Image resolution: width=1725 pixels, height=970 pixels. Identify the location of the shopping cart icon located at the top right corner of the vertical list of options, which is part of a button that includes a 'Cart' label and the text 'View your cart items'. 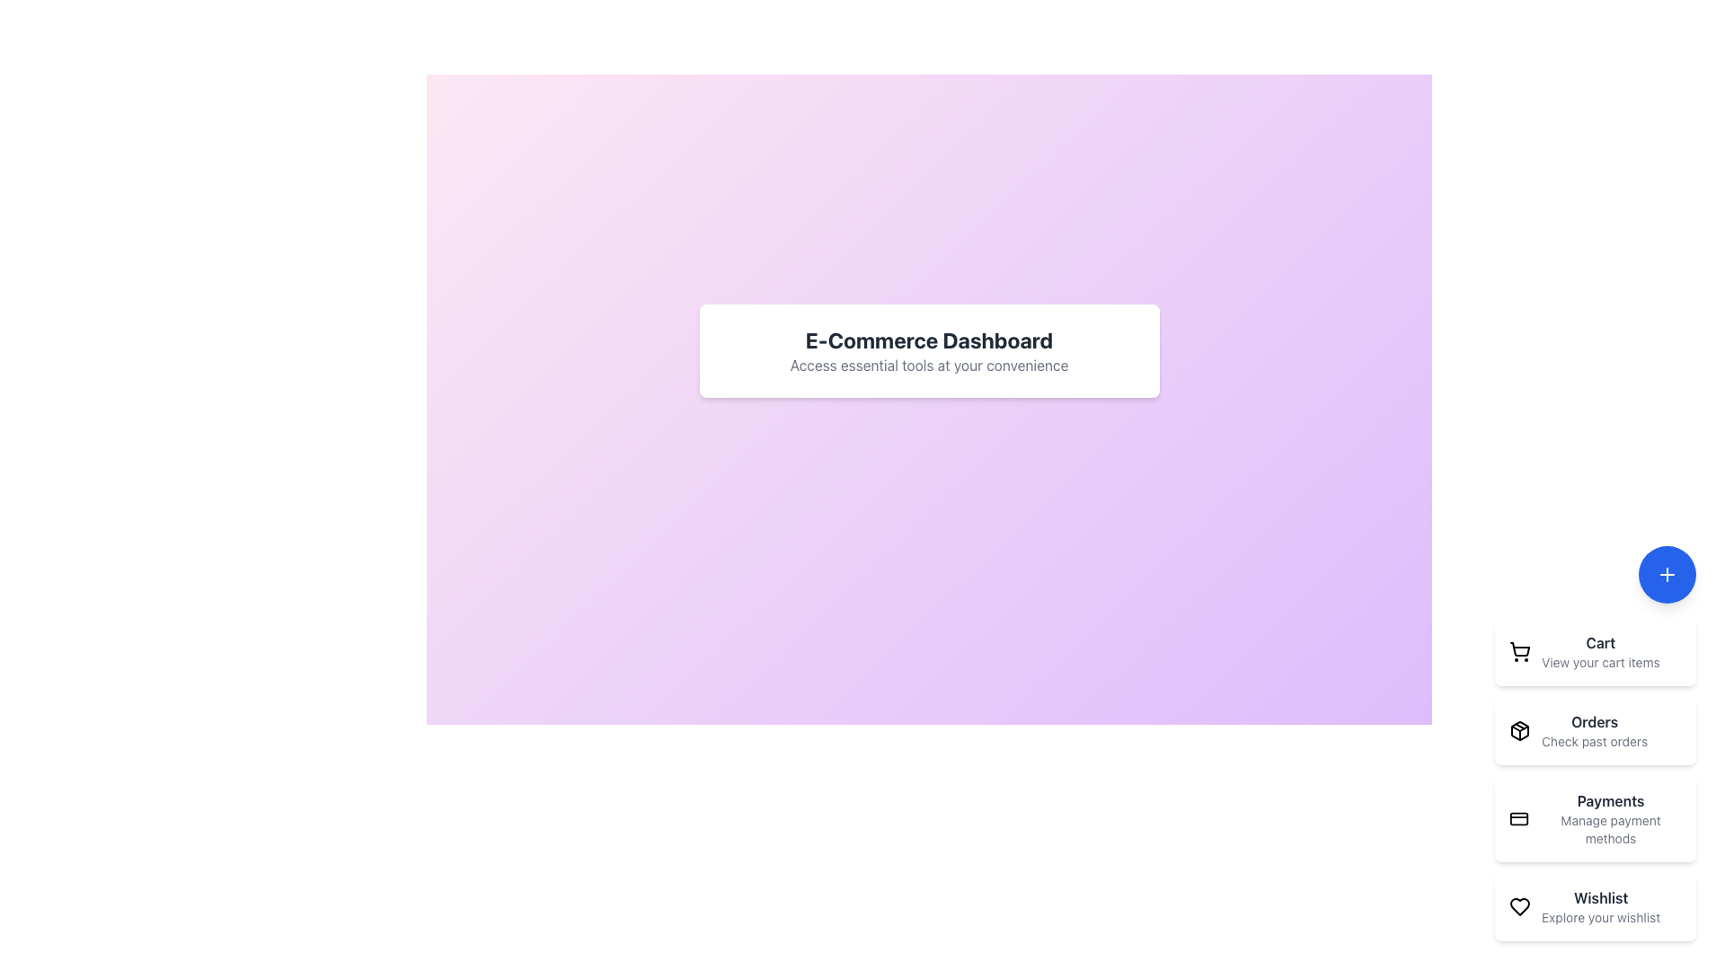
(1518, 651).